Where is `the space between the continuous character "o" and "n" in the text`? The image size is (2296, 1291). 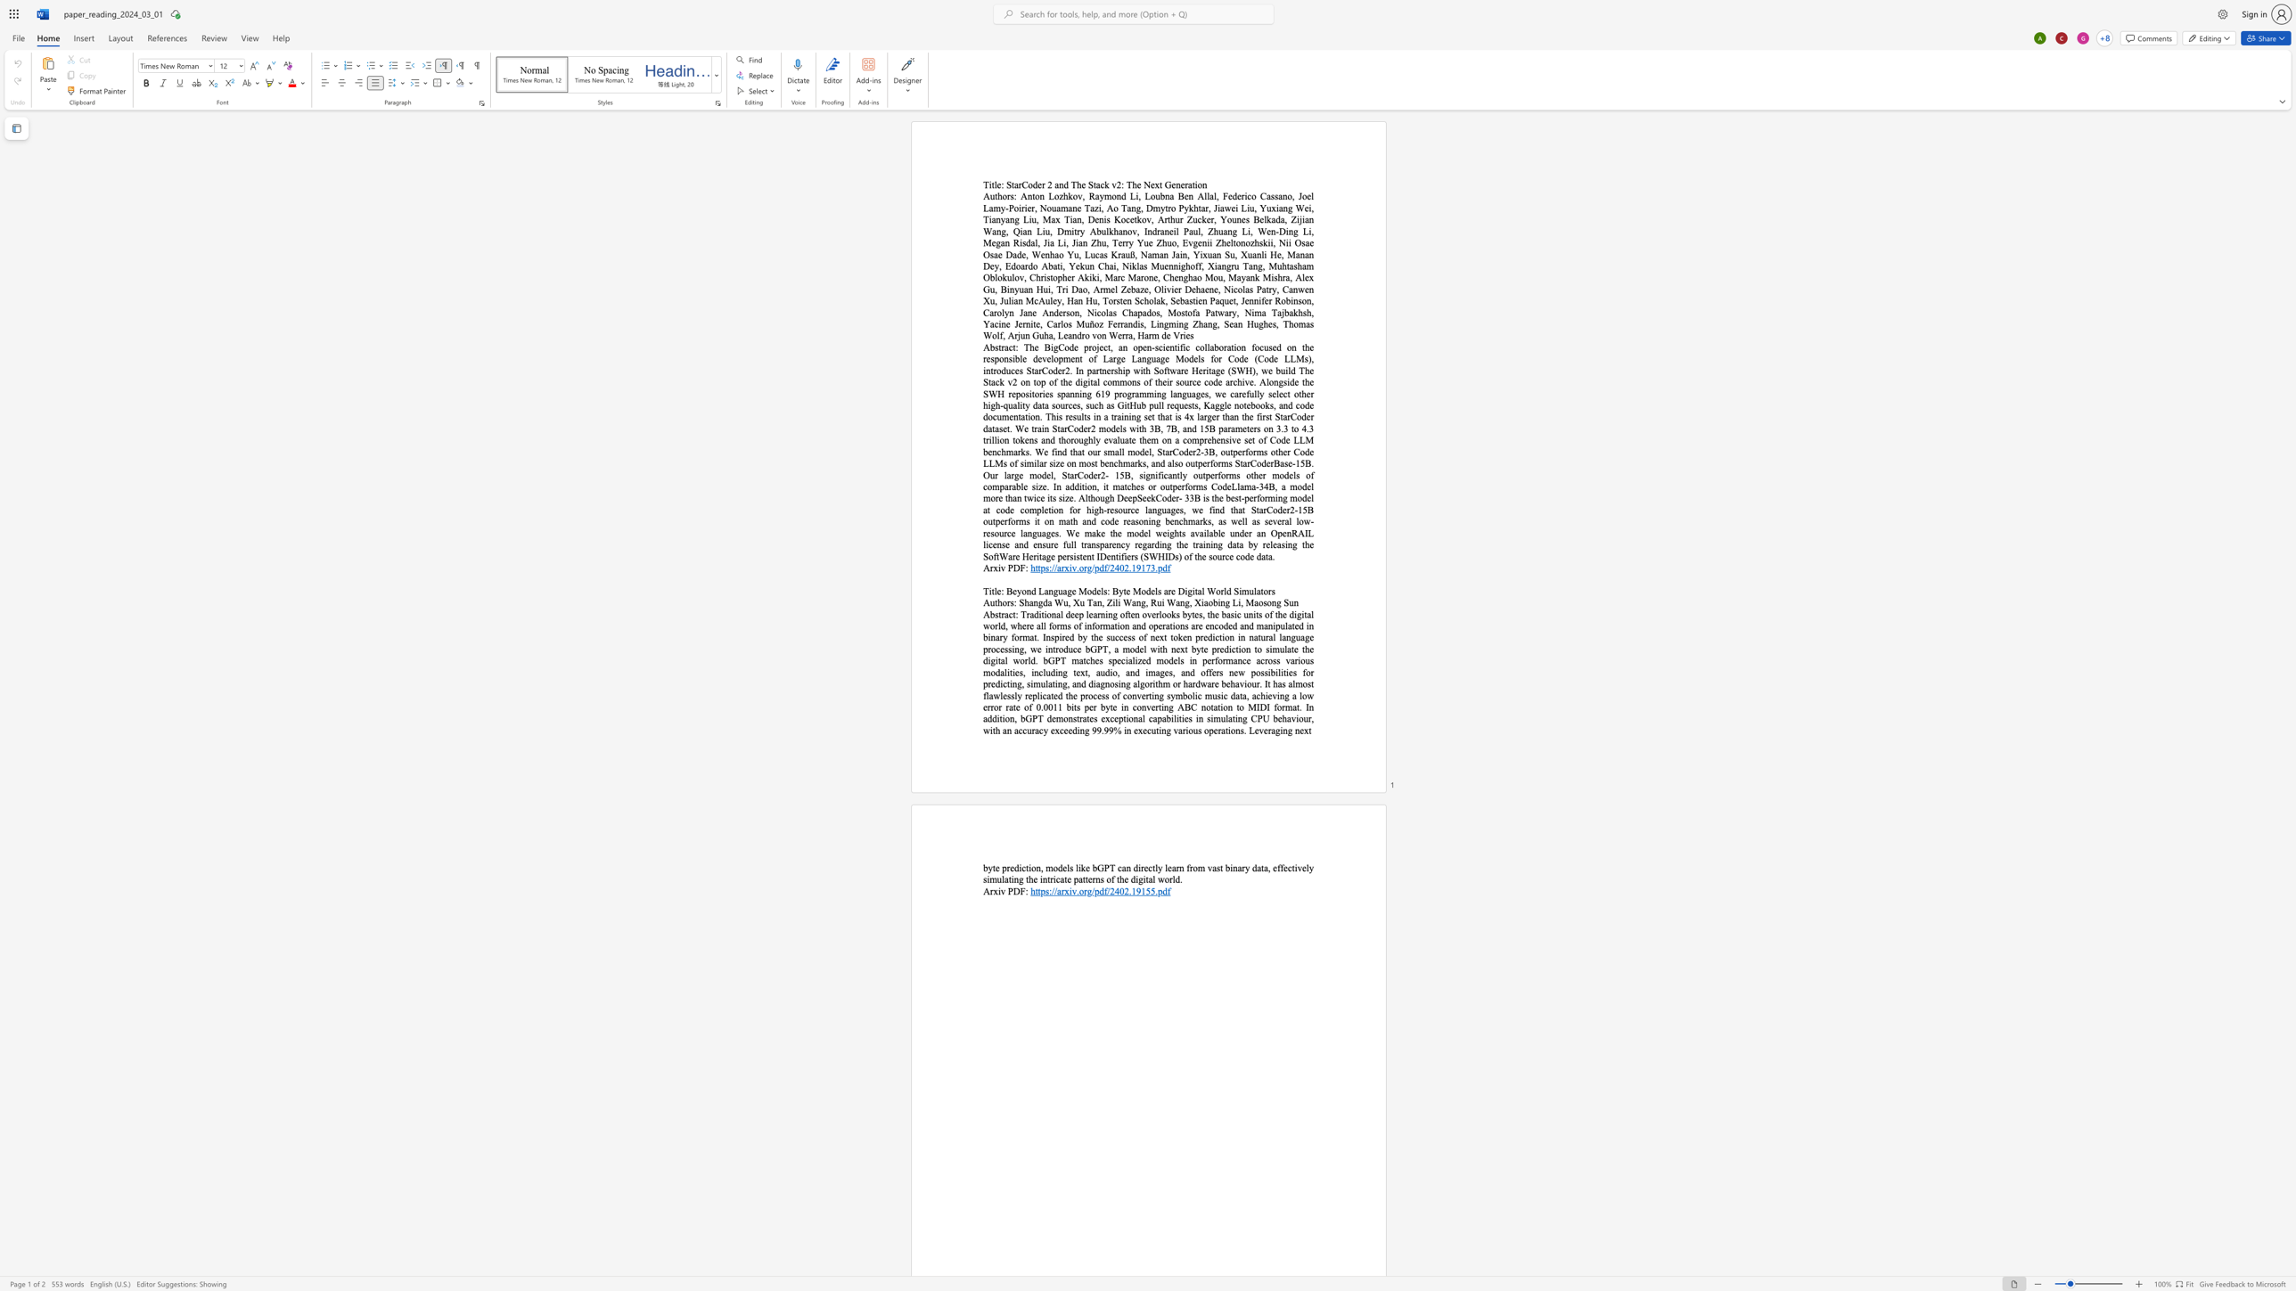 the space between the continuous character "o" and "n" in the text is located at coordinates (1025, 591).